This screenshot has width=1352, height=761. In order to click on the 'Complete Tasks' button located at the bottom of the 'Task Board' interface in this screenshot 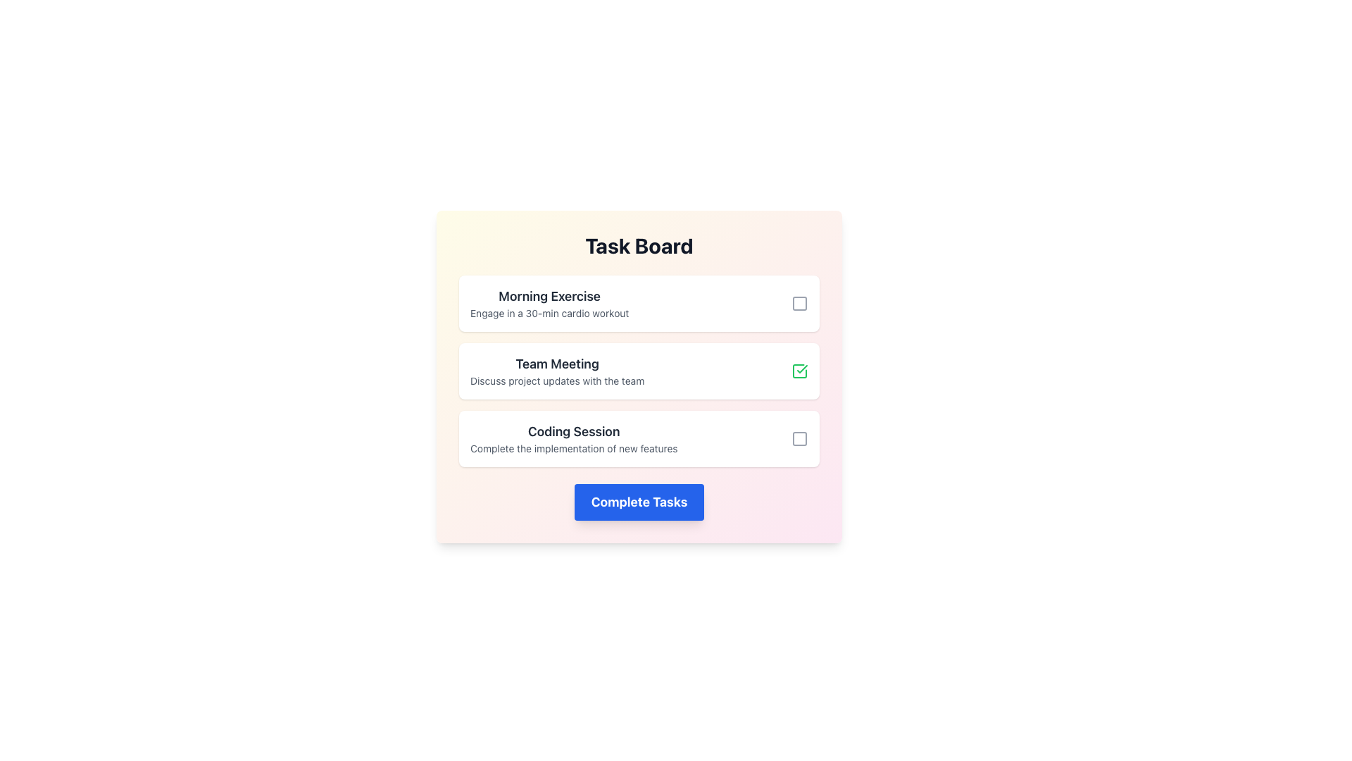, I will do `click(638, 502)`.